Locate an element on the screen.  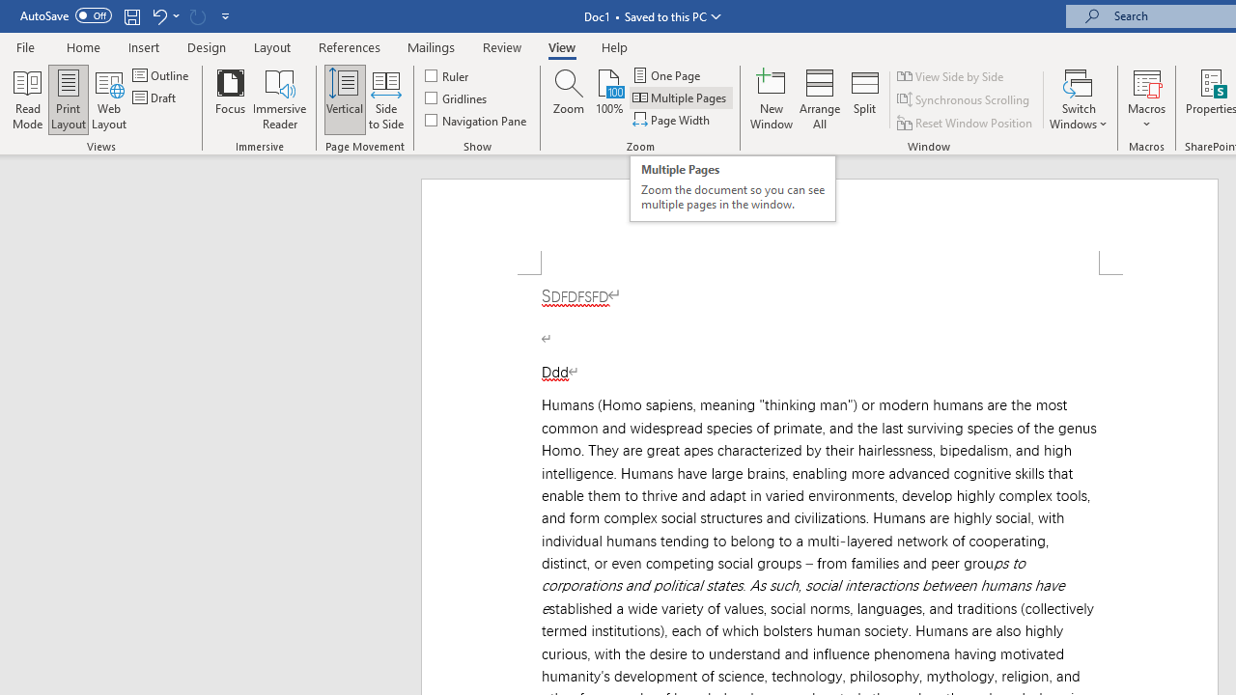
'Vertical' is located at coordinates (345, 99).